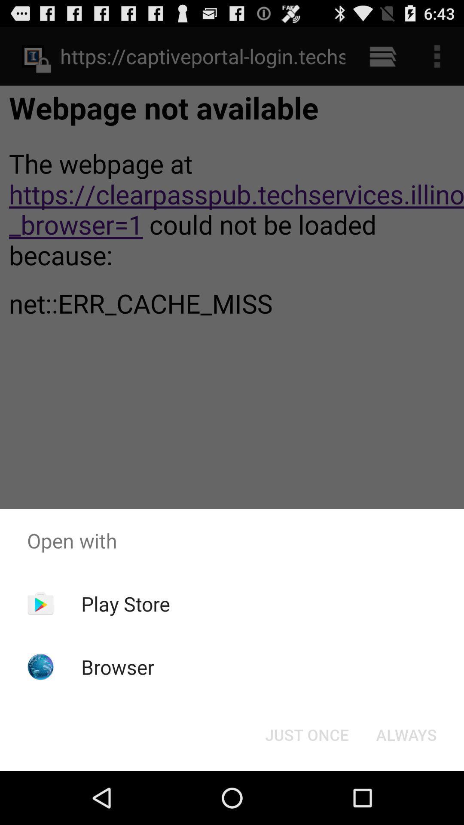 Image resolution: width=464 pixels, height=825 pixels. I want to click on the play store app, so click(125, 603).